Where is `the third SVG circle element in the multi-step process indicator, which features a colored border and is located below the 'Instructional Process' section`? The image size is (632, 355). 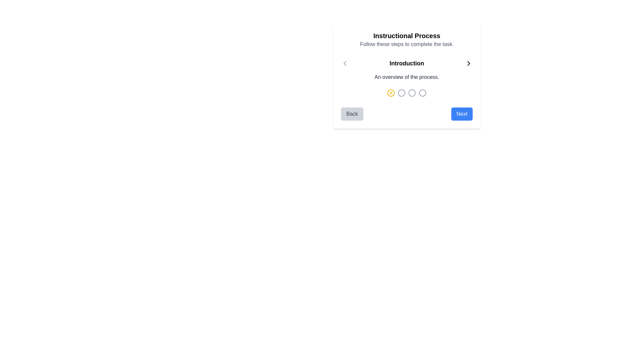
the third SVG circle element in the multi-step process indicator, which features a colored border and is located below the 'Instructional Process' section is located at coordinates (412, 93).